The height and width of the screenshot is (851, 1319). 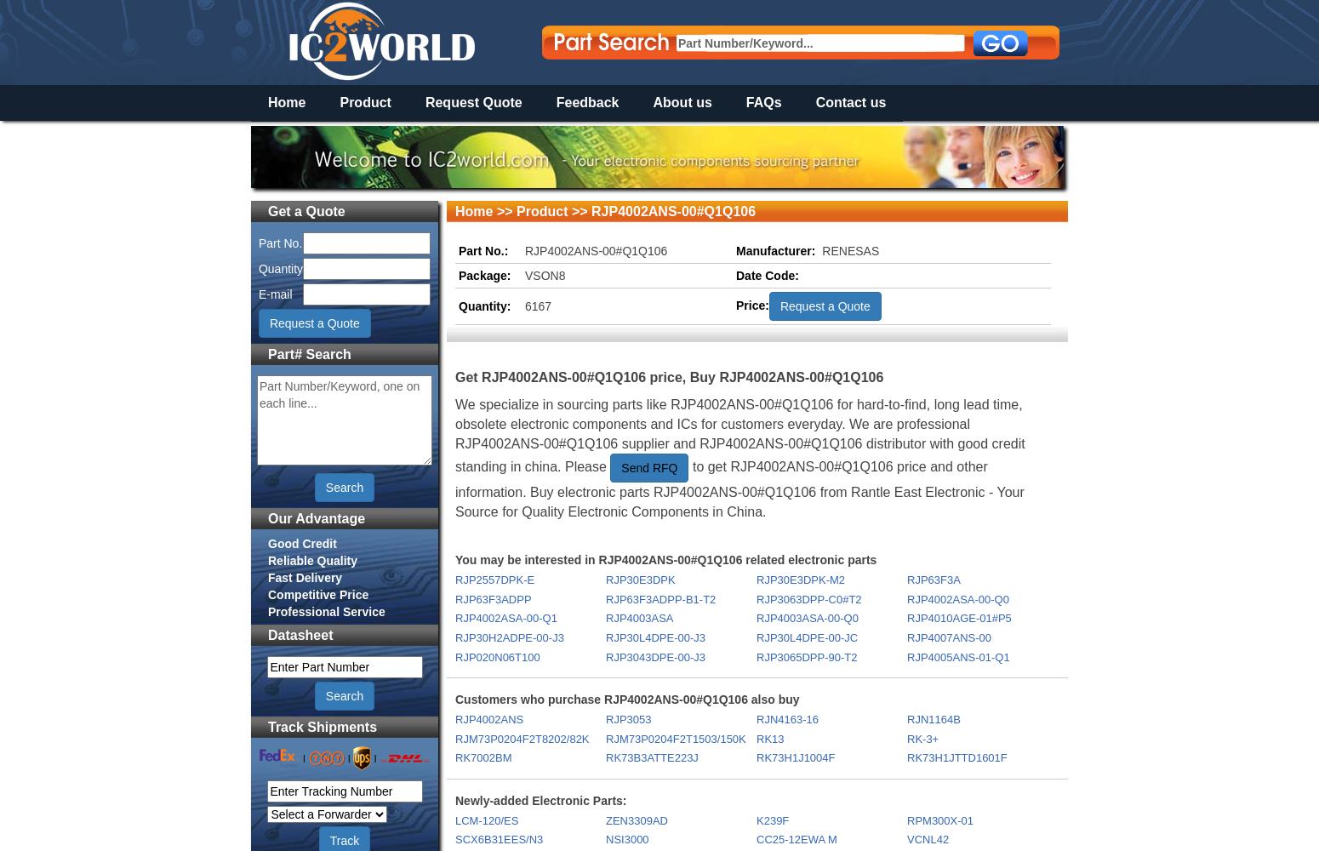 What do you see at coordinates (525, 250) in the screenshot?
I see `'RJP4002ANS-00#Q1Q106'` at bounding box center [525, 250].